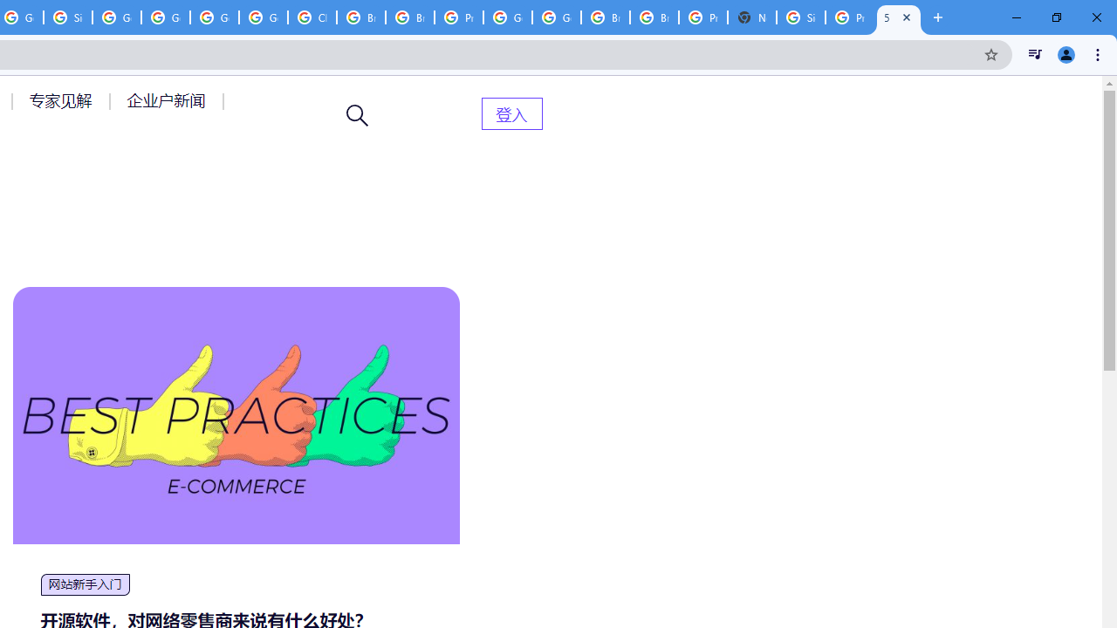 Image resolution: width=1117 pixels, height=628 pixels. I want to click on 'Google Cloud Platform', so click(556, 17).